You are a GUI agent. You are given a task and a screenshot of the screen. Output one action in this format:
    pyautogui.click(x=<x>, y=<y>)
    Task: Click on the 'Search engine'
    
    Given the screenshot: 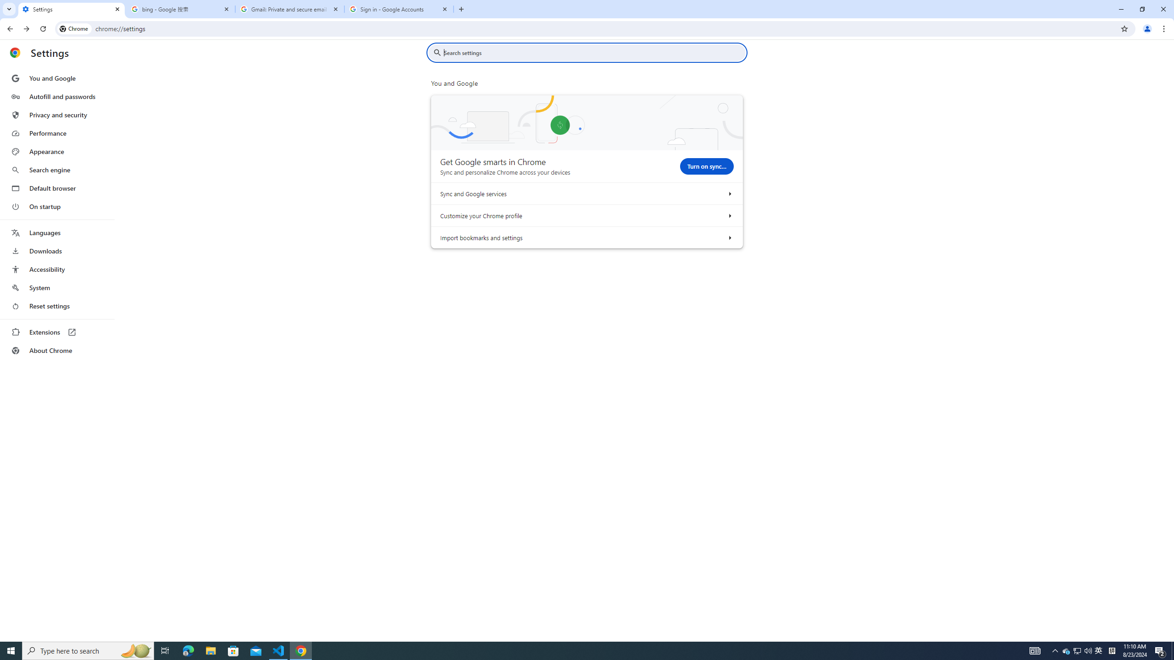 What is the action you would take?
    pyautogui.click(x=56, y=170)
    